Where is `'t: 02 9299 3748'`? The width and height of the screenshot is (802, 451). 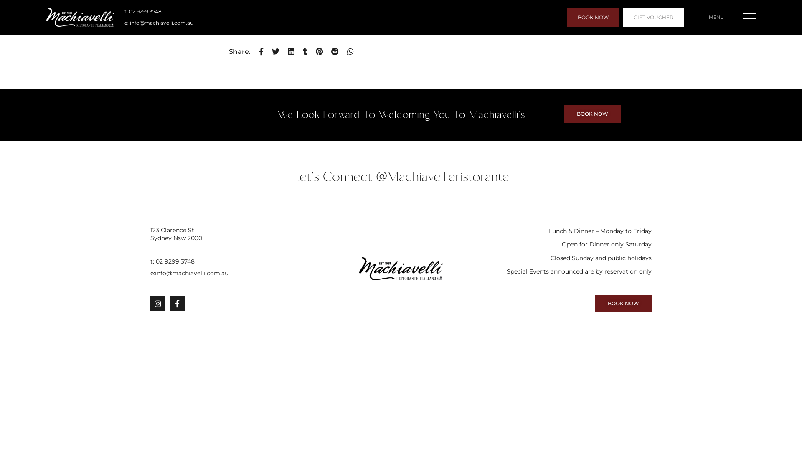
't: 02 9299 3748' is located at coordinates (231, 261).